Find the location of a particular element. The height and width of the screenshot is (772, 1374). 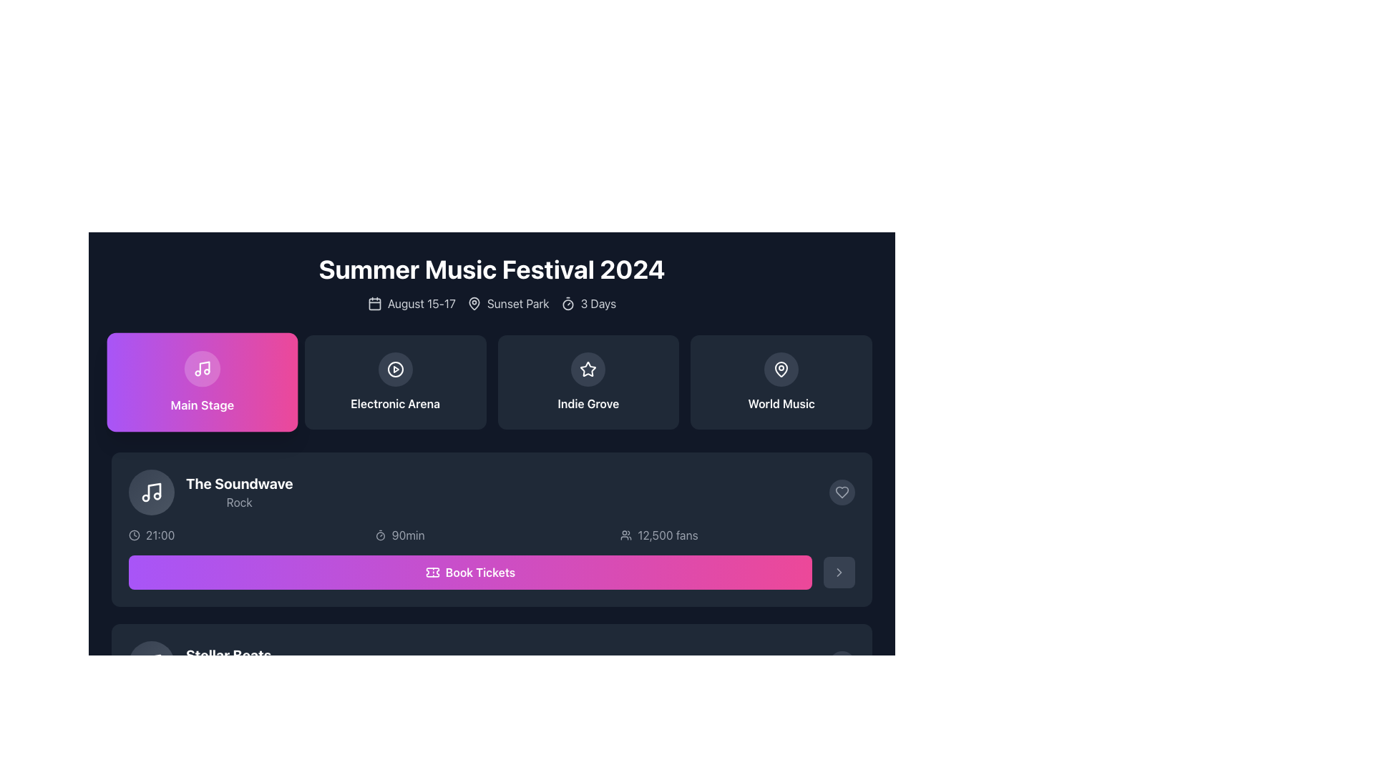

the navigational button for the 'Main Stage' section of the Summer Music Festival 2024 is located at coordinates (201, 382).